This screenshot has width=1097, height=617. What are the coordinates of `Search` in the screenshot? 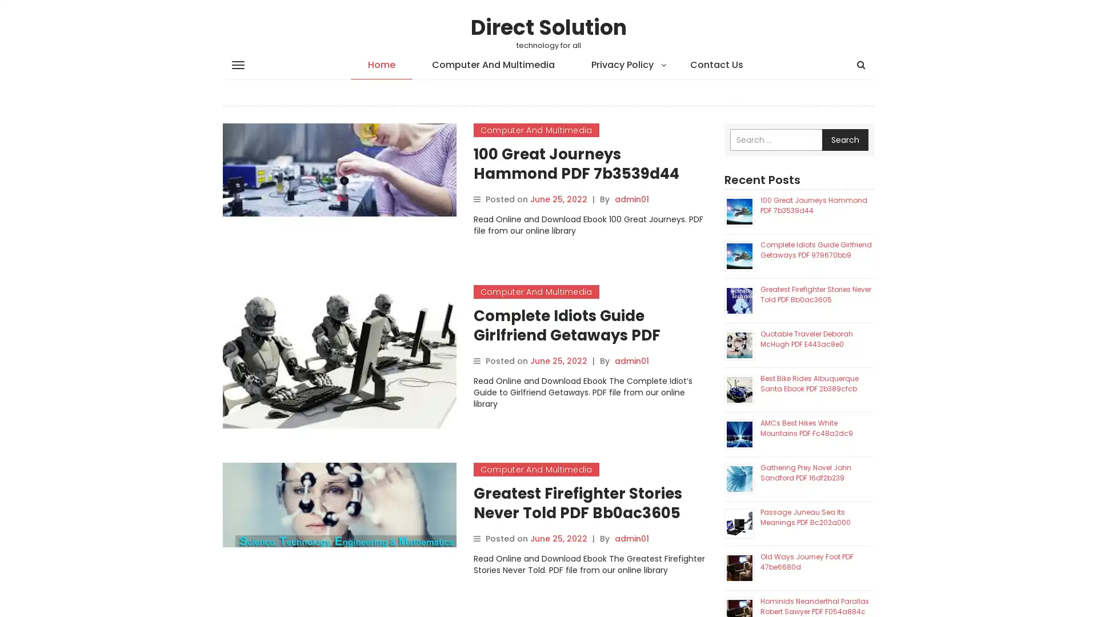 It's located at (845, 139).